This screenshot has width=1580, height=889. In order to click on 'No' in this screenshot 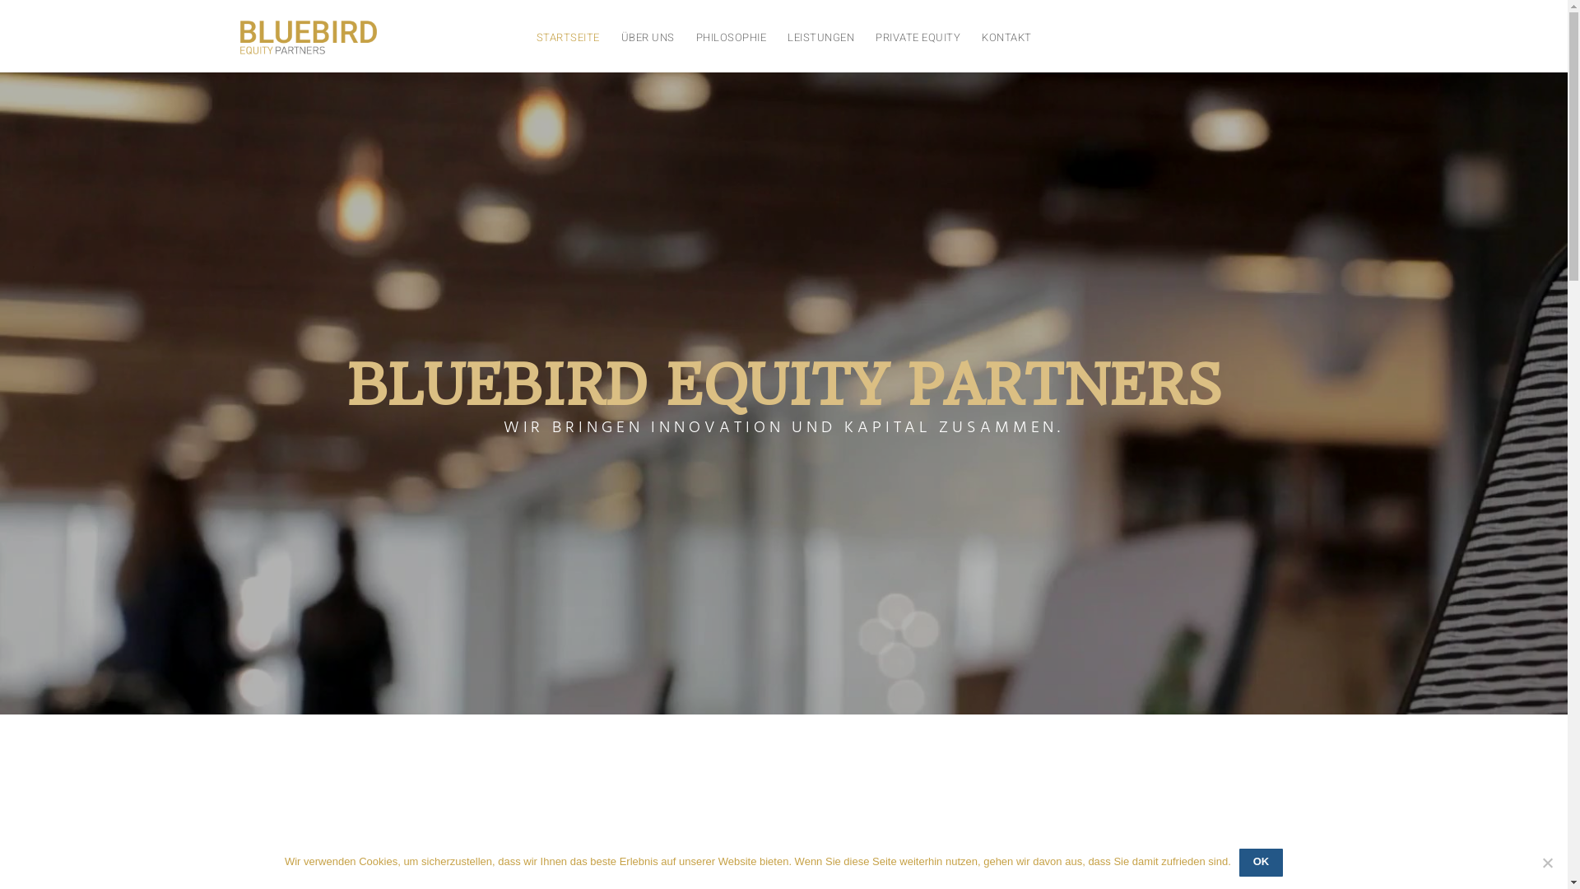, I will do `click(1546, 862)`.